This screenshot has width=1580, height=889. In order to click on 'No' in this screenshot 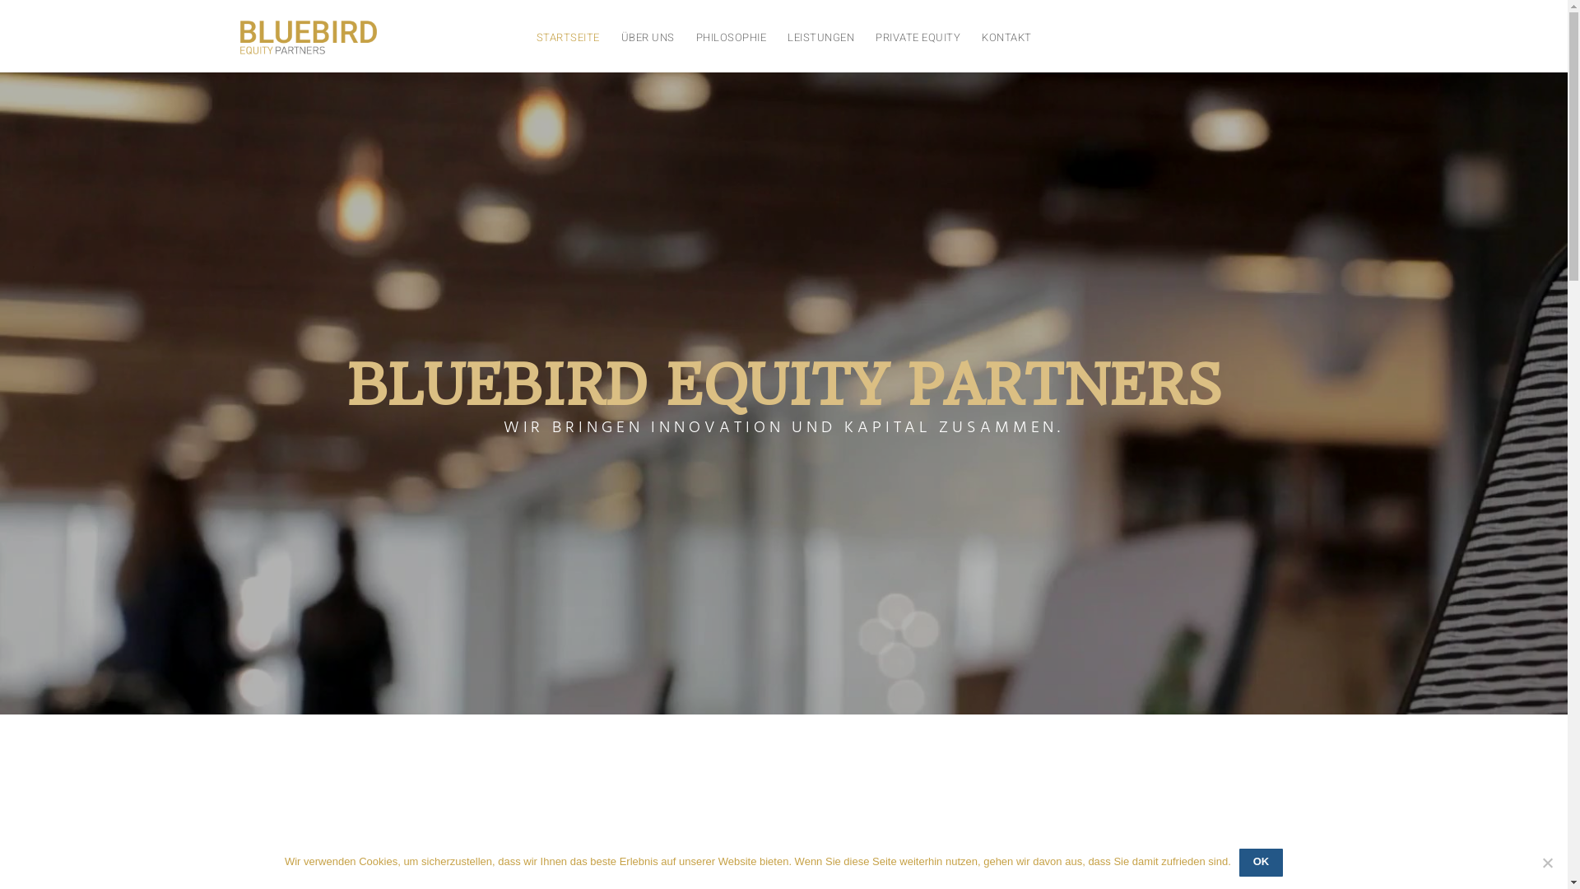, I will do `click(1546, 862)`.